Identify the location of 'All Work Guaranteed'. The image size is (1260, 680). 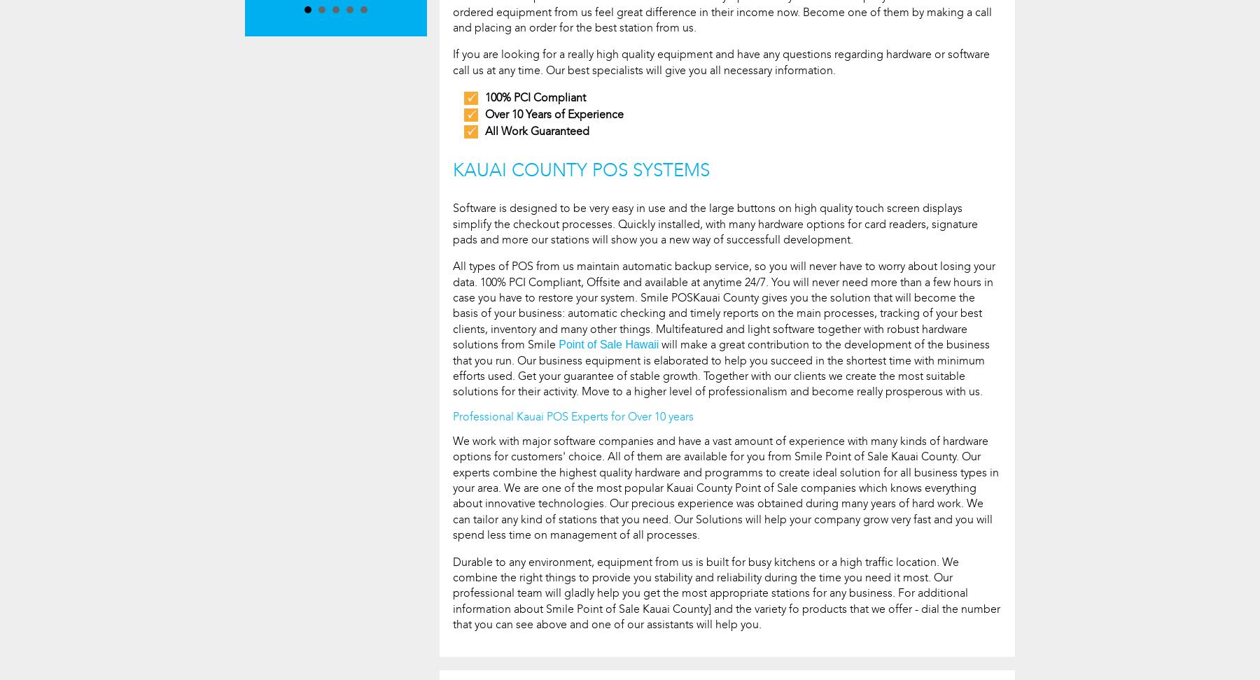
(536, 130).